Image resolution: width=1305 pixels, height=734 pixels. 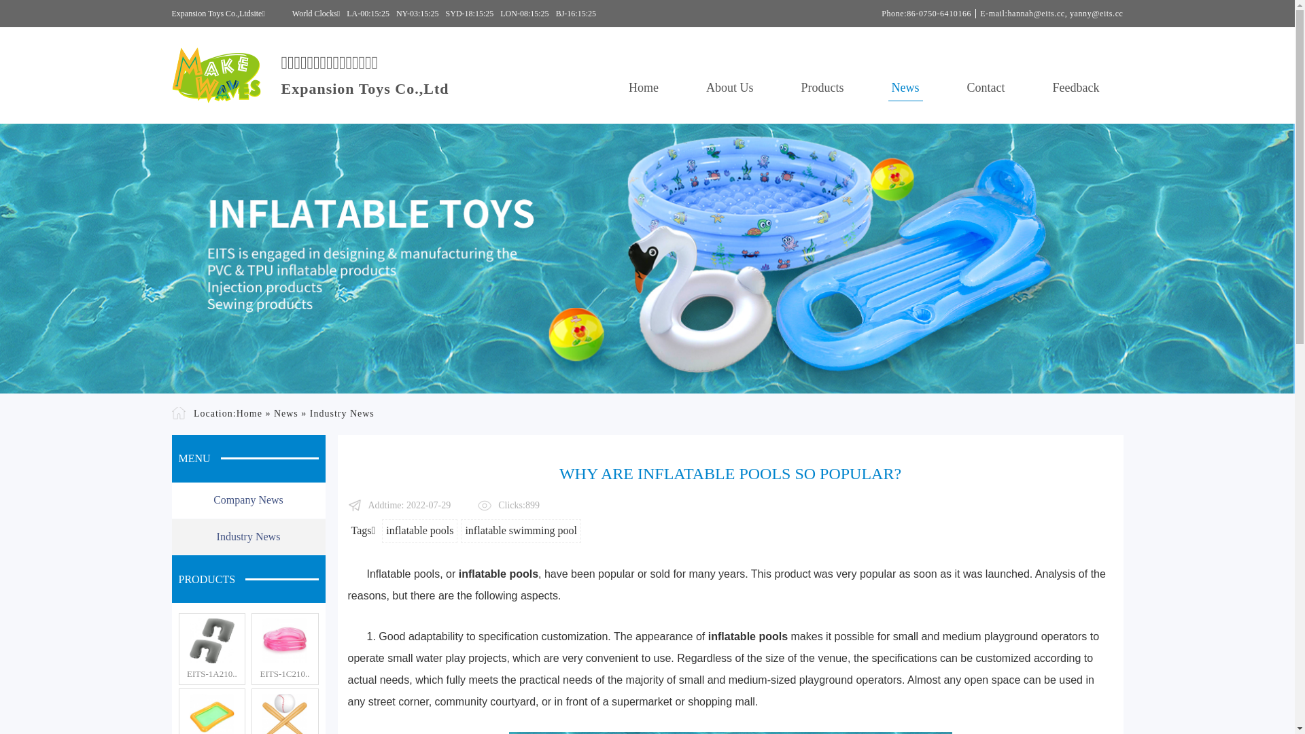 What do you see at coordinates (211, 640) in the screenshot?
I see `'EITS-1A21019'` at bounding box center [211, 640].